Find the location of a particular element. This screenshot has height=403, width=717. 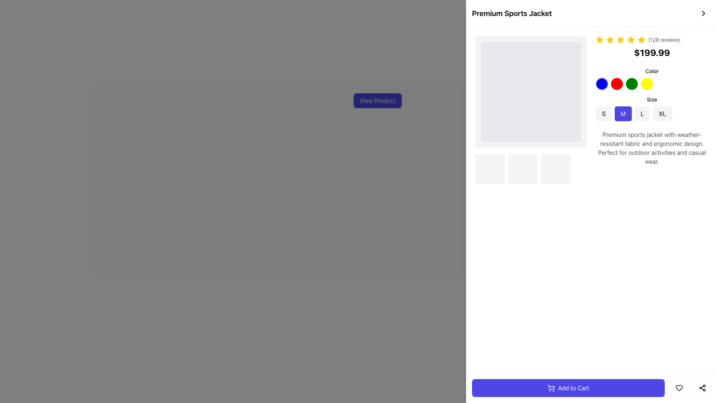

the first interactive thumbnail box with a light gray background and rounded corners, located below the main product image area is located at coordinates (490, 169).